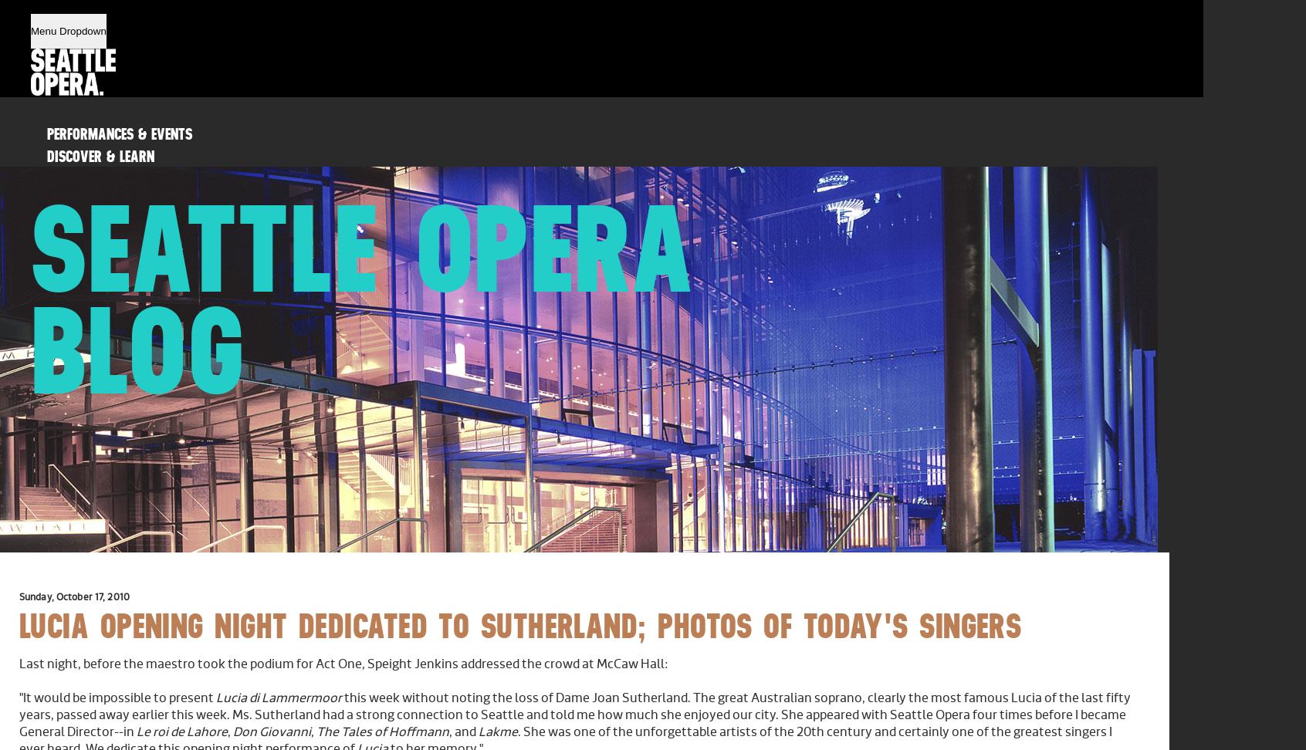 The height and width of the screenshot is (750, 1306). What do you see at coordinates (46, 223) in the screenshot?
I see `'About Us'` at bounding box center [46, 223].